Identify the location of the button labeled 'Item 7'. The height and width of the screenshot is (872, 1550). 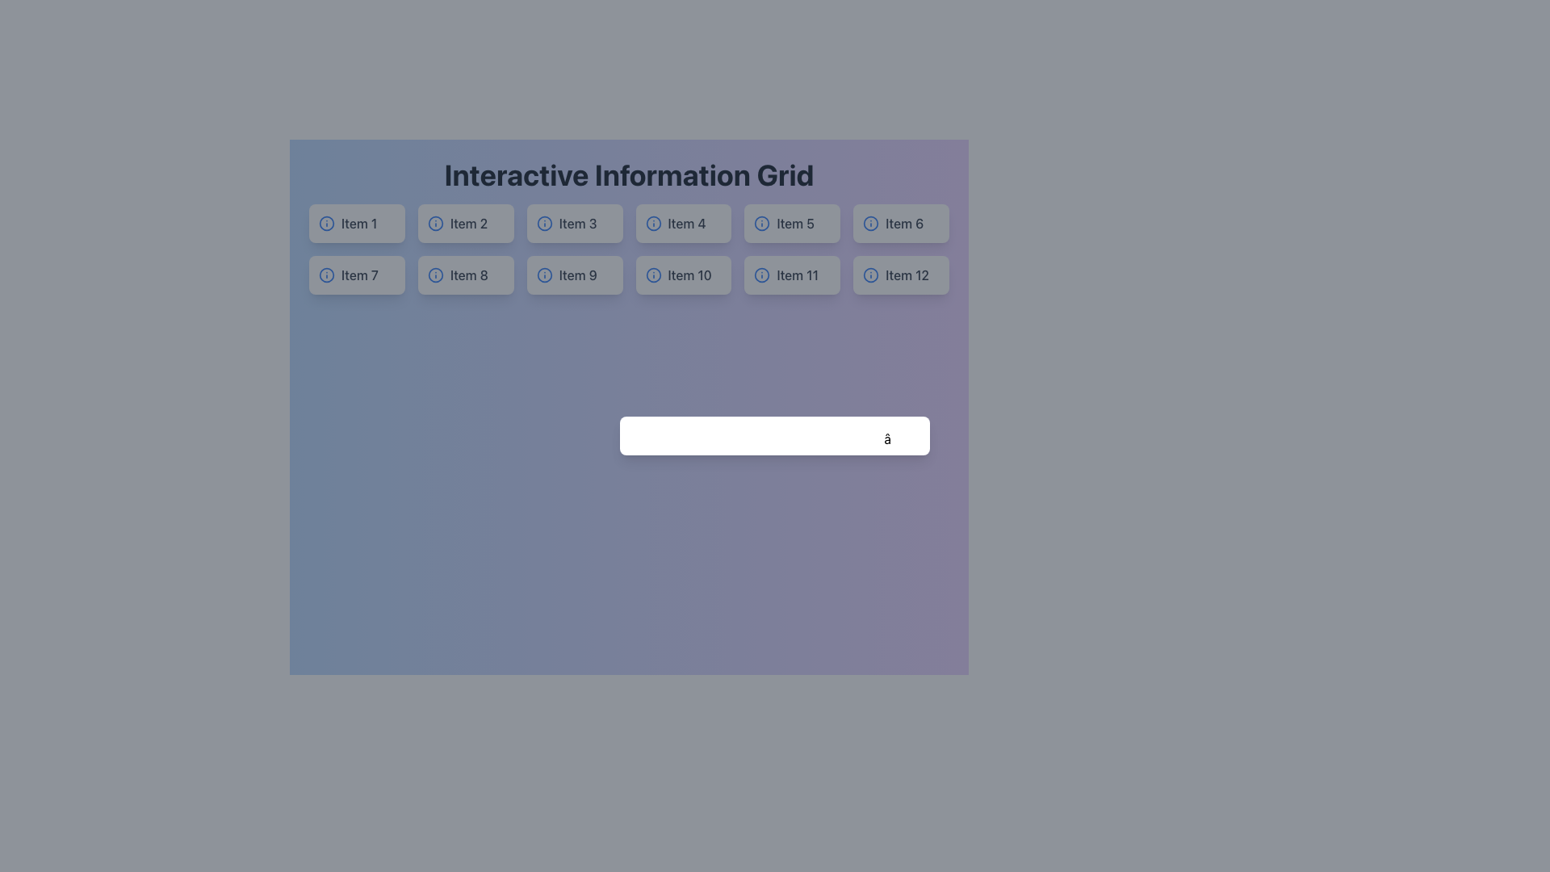
(356, 274).